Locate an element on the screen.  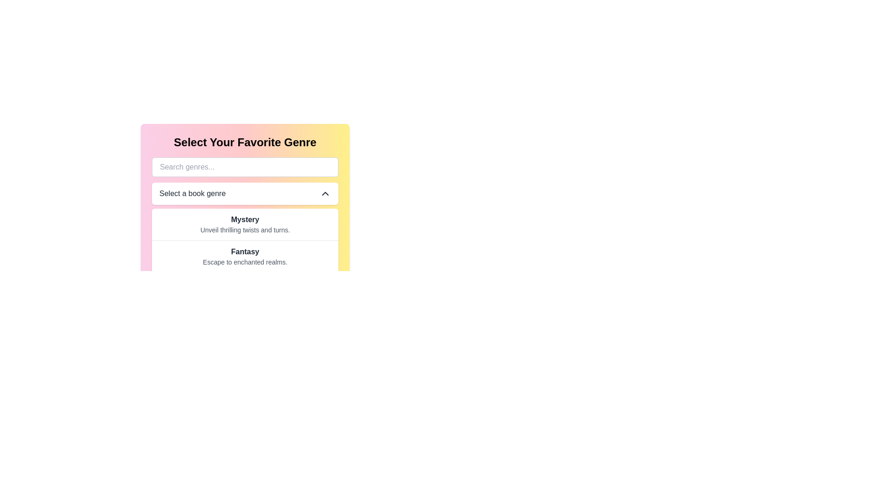
the 'Fantasy' genre option in the dropdown list, which is the second option below 'Mystery' and centrally aligned under 'Select a book genre' is located at coordinates (245, 259).